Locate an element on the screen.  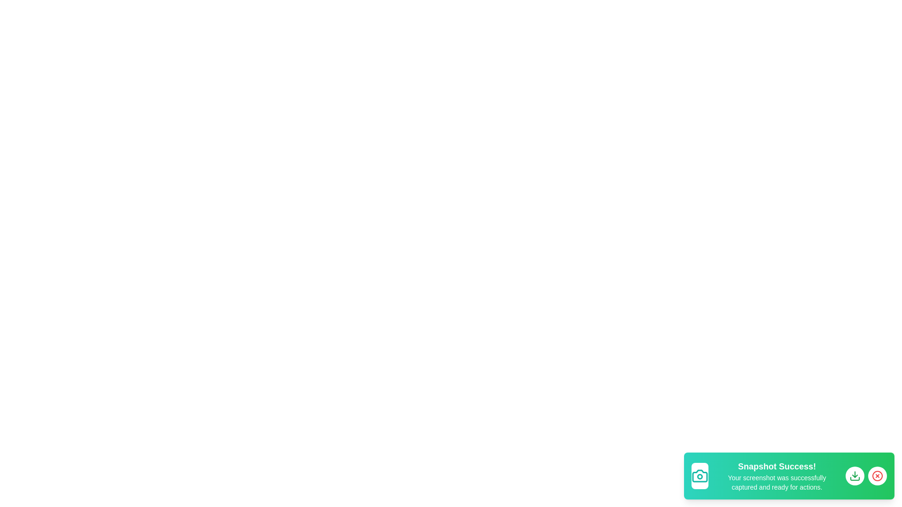
the 'Close' button to dismiss the snackbar is located at coordinates (877, 476).